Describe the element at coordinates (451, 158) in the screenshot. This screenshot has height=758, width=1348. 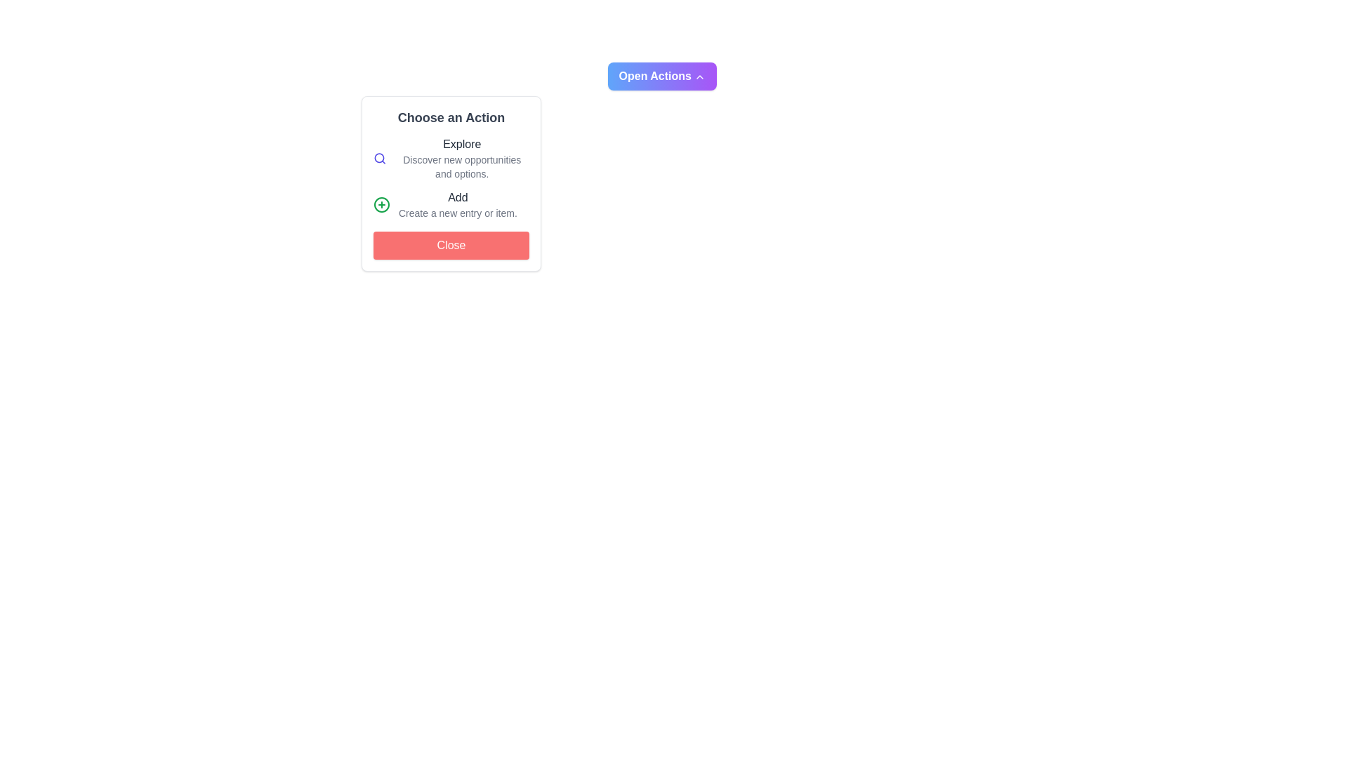
I see `the informational text element labeled 'Explore' that includes a magnifying glass icon, located in the 'Choose an Action' modal` at that location.